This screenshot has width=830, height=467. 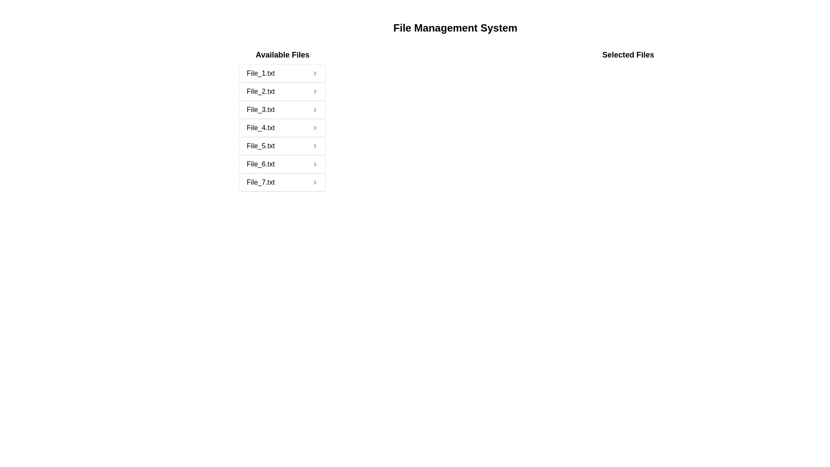 I want to click on the static text element labeled 'Available Files', which is bold and large-sized, positioned at the top of the file list, so click(x=282, y=55).